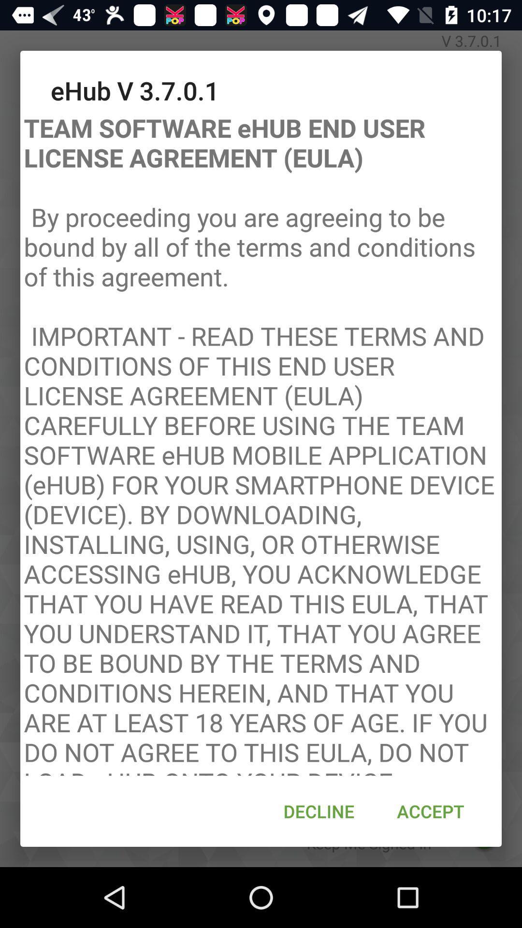 Image resolution: width=522 pixels, height=928 pixels. I want to click on item next to the accept, so click(319, 811).